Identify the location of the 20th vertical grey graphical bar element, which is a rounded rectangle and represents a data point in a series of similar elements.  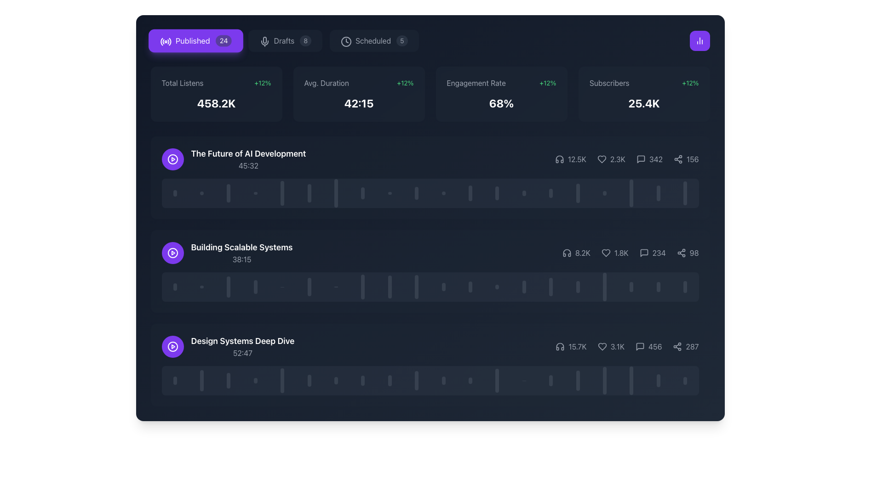
(685, 192).